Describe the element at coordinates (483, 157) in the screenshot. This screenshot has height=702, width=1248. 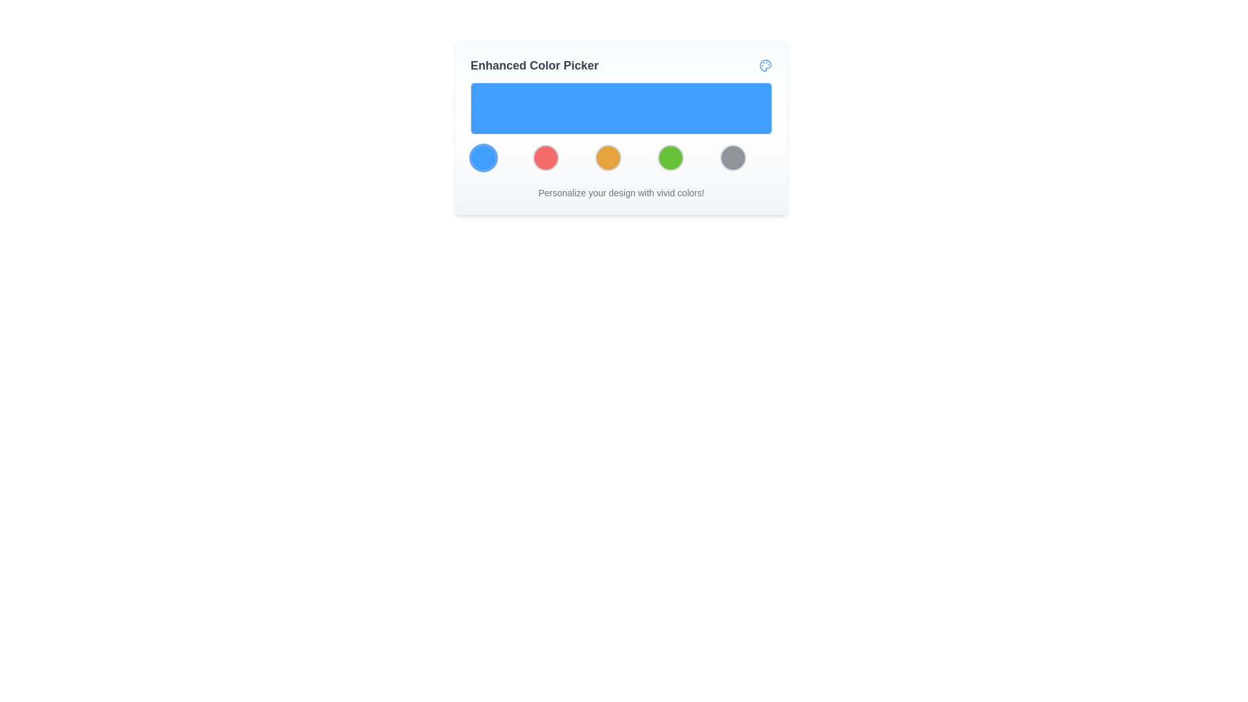
I see `the first button` at that location.